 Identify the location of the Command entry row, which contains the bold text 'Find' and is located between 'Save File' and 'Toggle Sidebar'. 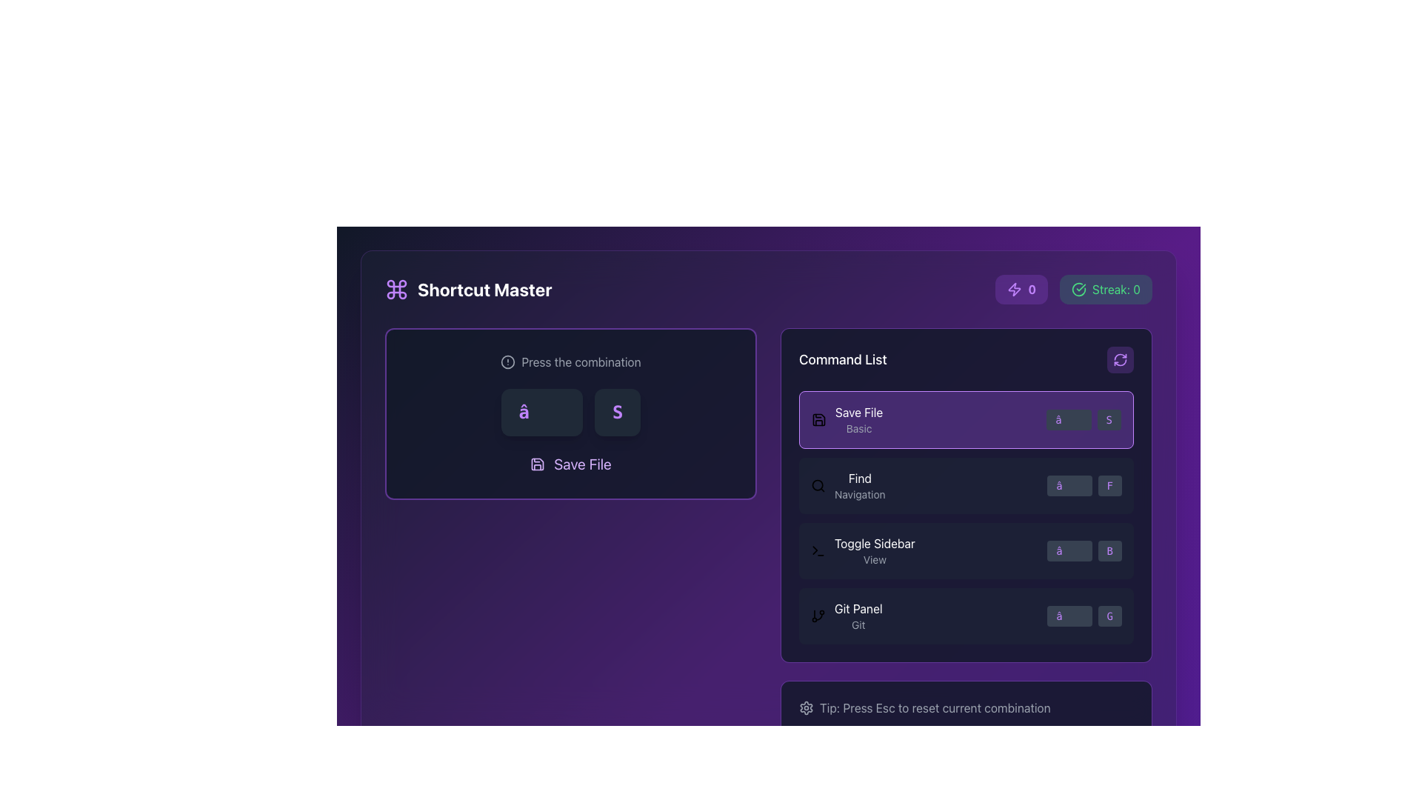
(967, 485).